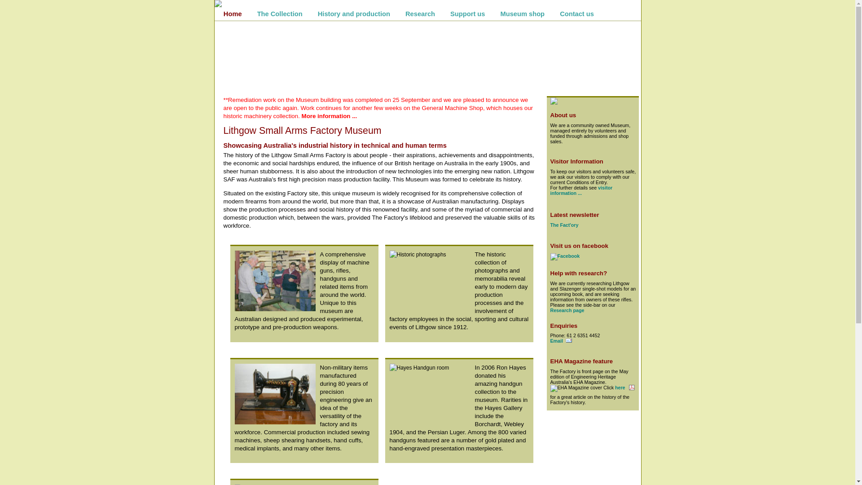  I want to click on 'Support us', so click(467, 13).